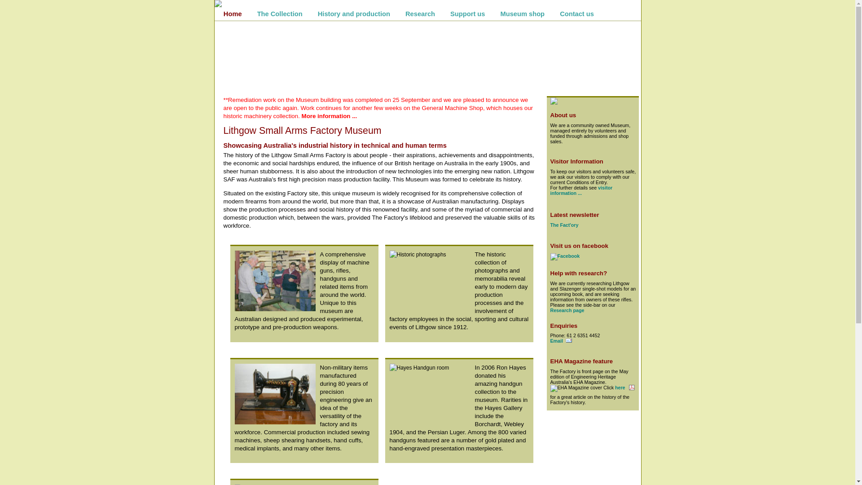  I want to click on 'Support us', so click(467, 13).